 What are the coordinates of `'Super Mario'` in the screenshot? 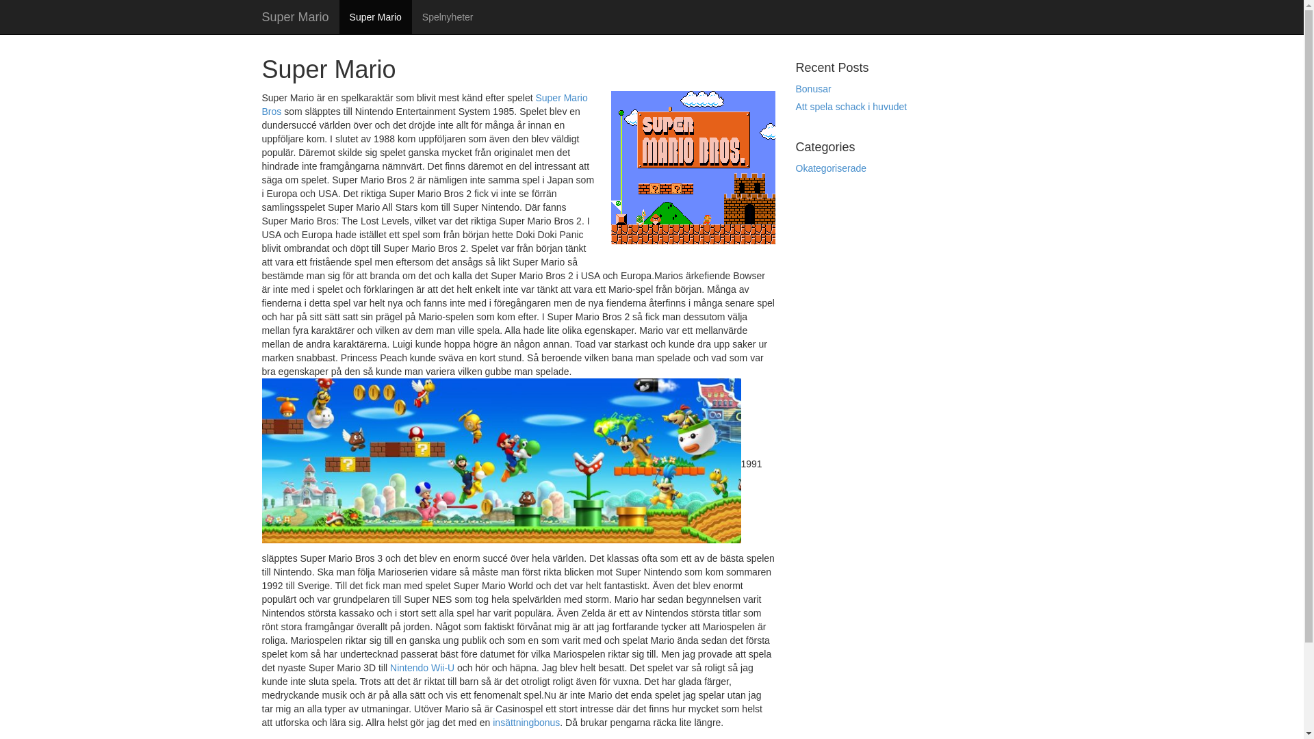 It's located at (295, 16).